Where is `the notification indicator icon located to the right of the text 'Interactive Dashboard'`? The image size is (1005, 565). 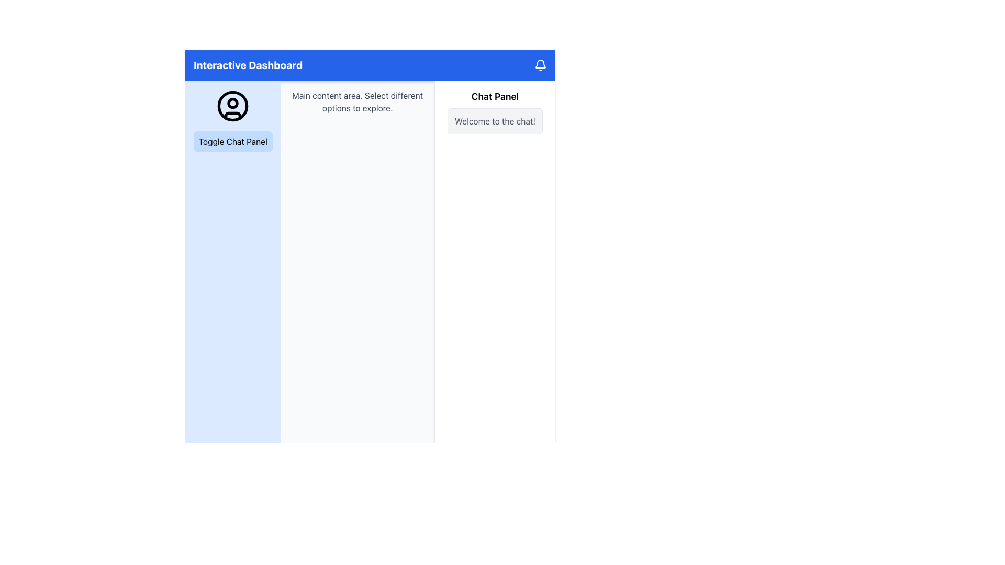
the notification indicator icon located to the right of the text 'Interactive Dashboard' is located at coordinates (540, 65).